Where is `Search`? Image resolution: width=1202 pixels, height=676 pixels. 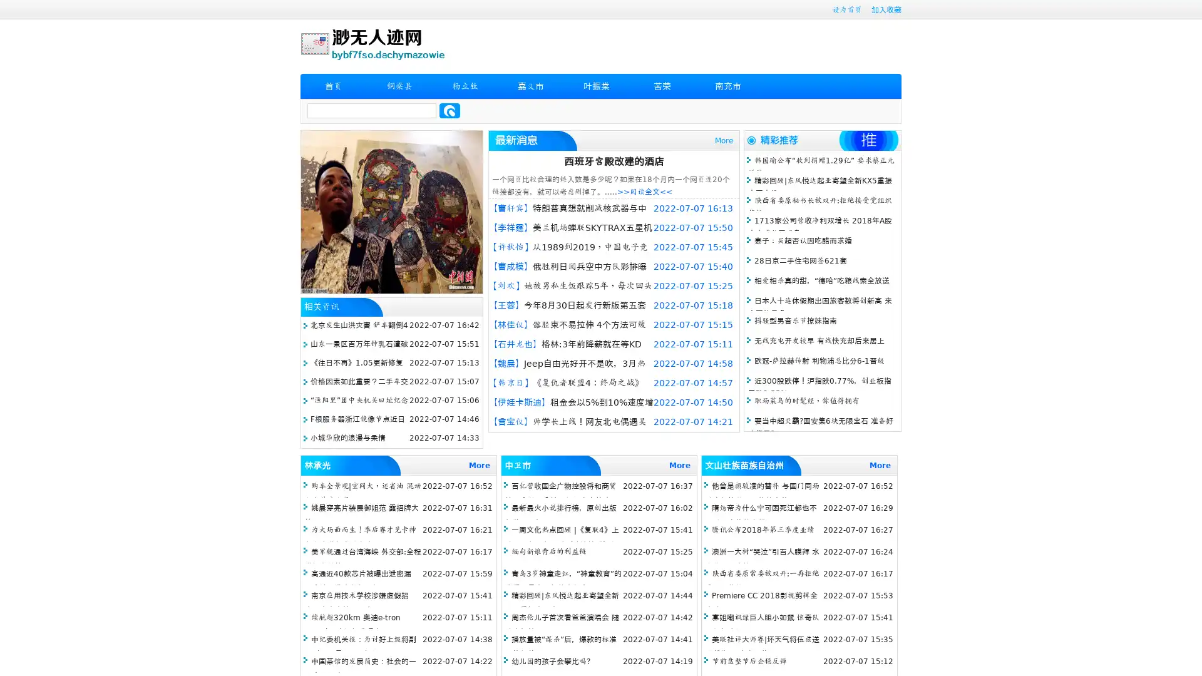
Search is located at coordinates (449, 110).